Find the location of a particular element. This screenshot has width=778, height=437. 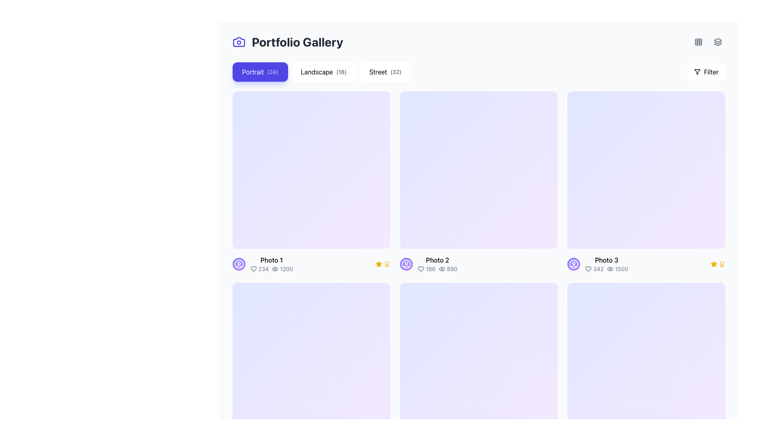

the text label displaying the number '(24)' next to the label 'Portrait' within the rounded button for reference is located at coordinates (272, 71).